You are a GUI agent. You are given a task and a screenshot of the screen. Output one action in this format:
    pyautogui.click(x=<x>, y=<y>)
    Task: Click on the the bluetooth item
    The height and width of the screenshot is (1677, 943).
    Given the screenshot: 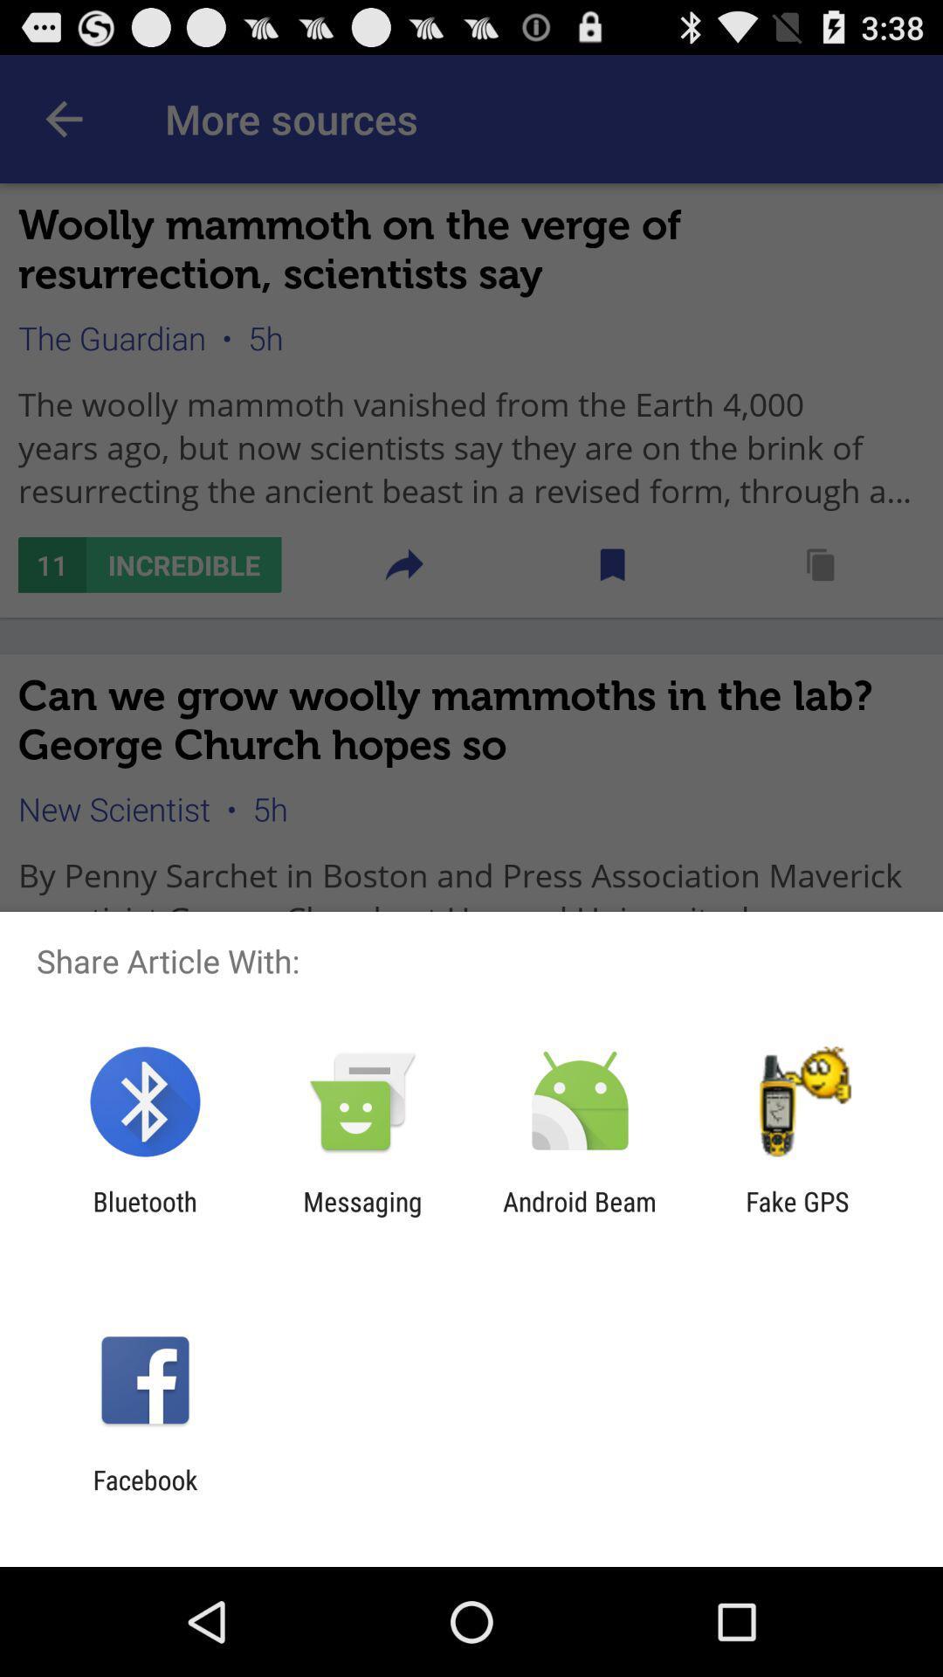 What is the action you would take?
    pyautogui.click(x=144, y=1216)
    